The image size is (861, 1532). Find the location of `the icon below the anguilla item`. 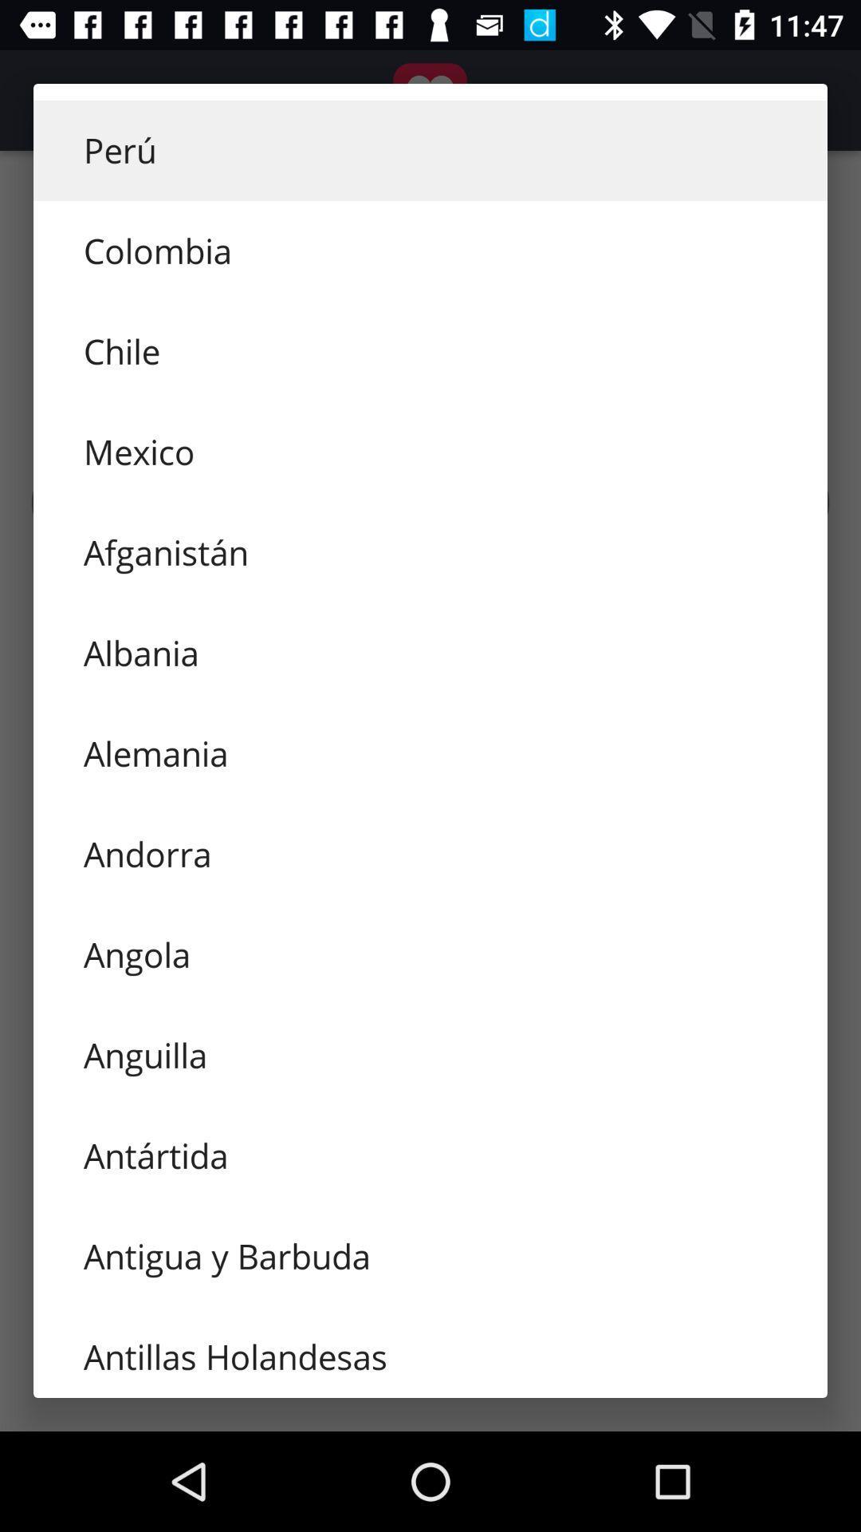

the icon below the anguilla item is located at coordinates (431, 1156).